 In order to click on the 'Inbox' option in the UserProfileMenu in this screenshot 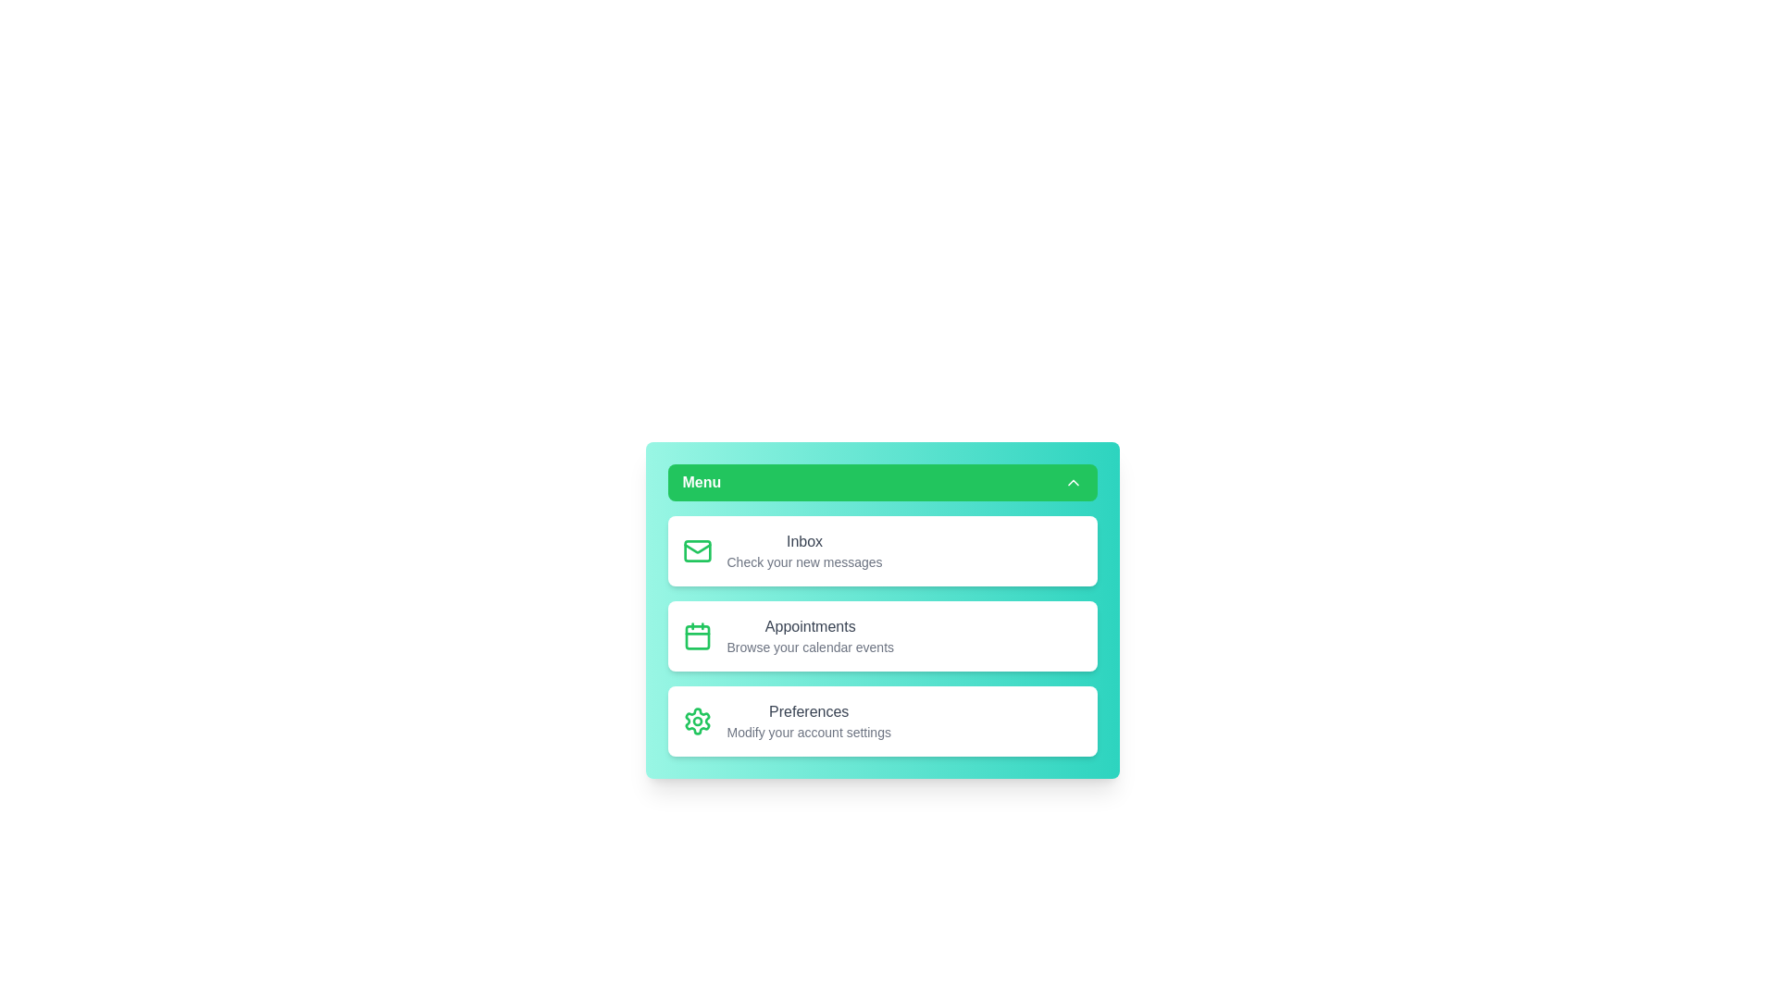, I will do `click(804, 541)`.